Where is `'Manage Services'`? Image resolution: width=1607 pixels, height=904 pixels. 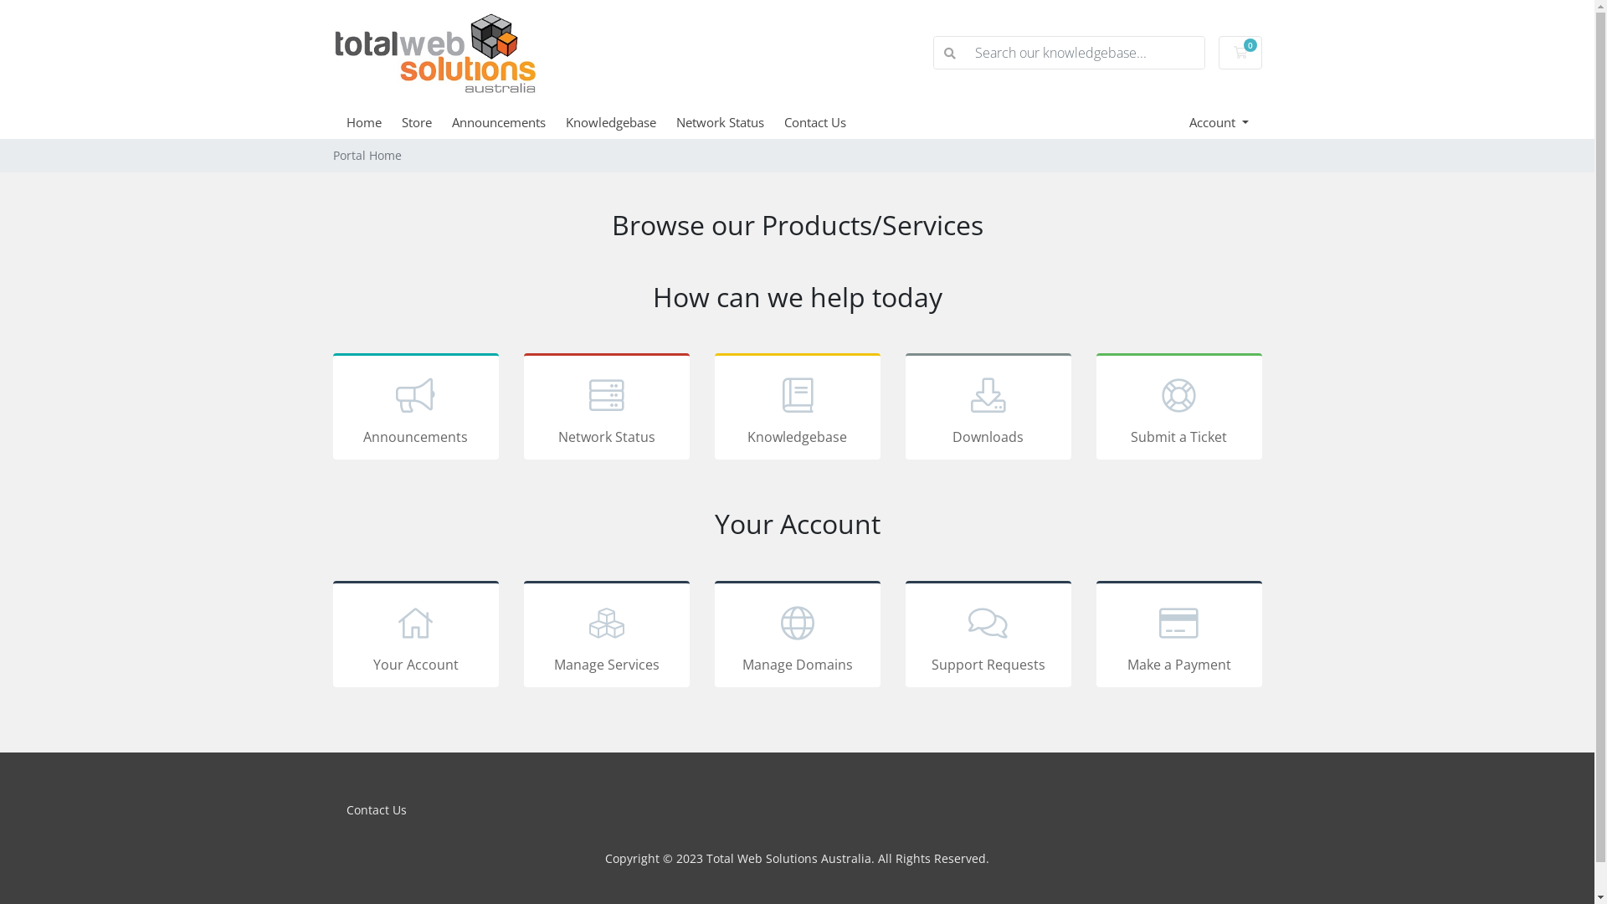 'Manage Services' is located at coordinates (605, 634).